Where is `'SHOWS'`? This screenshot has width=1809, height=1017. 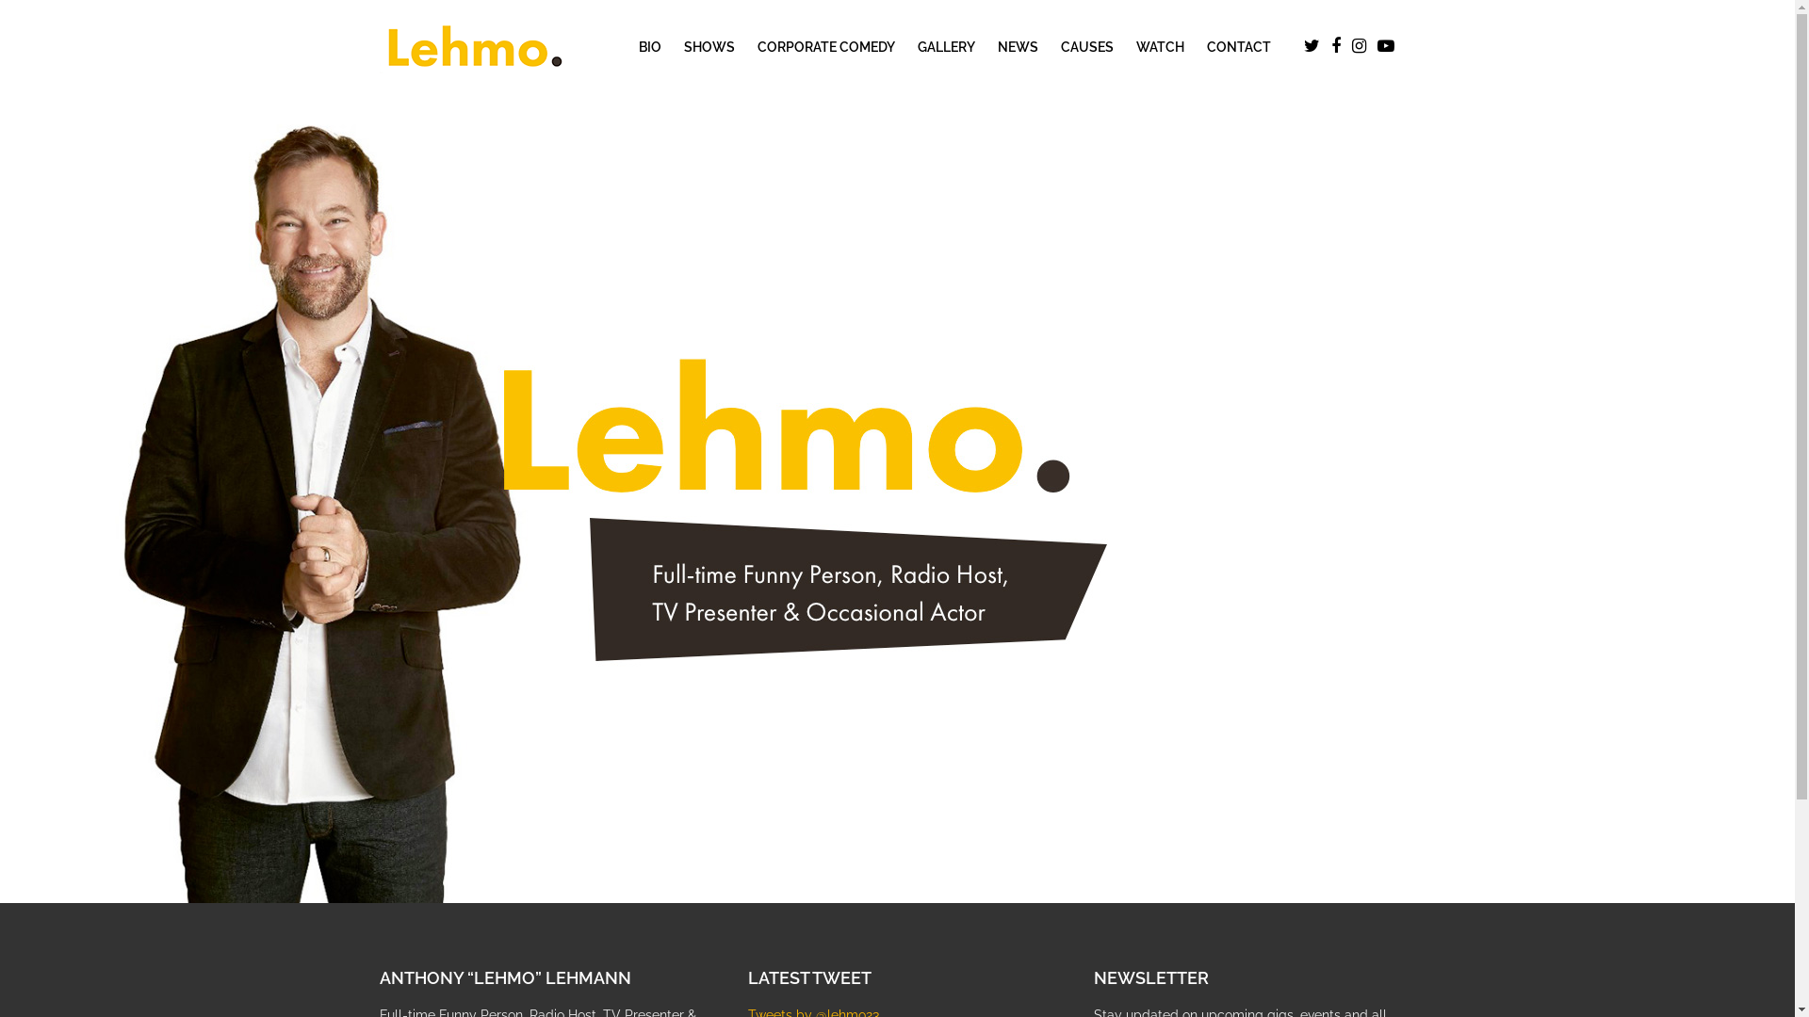 'SHOWS' is located at coordinates (709, 46).